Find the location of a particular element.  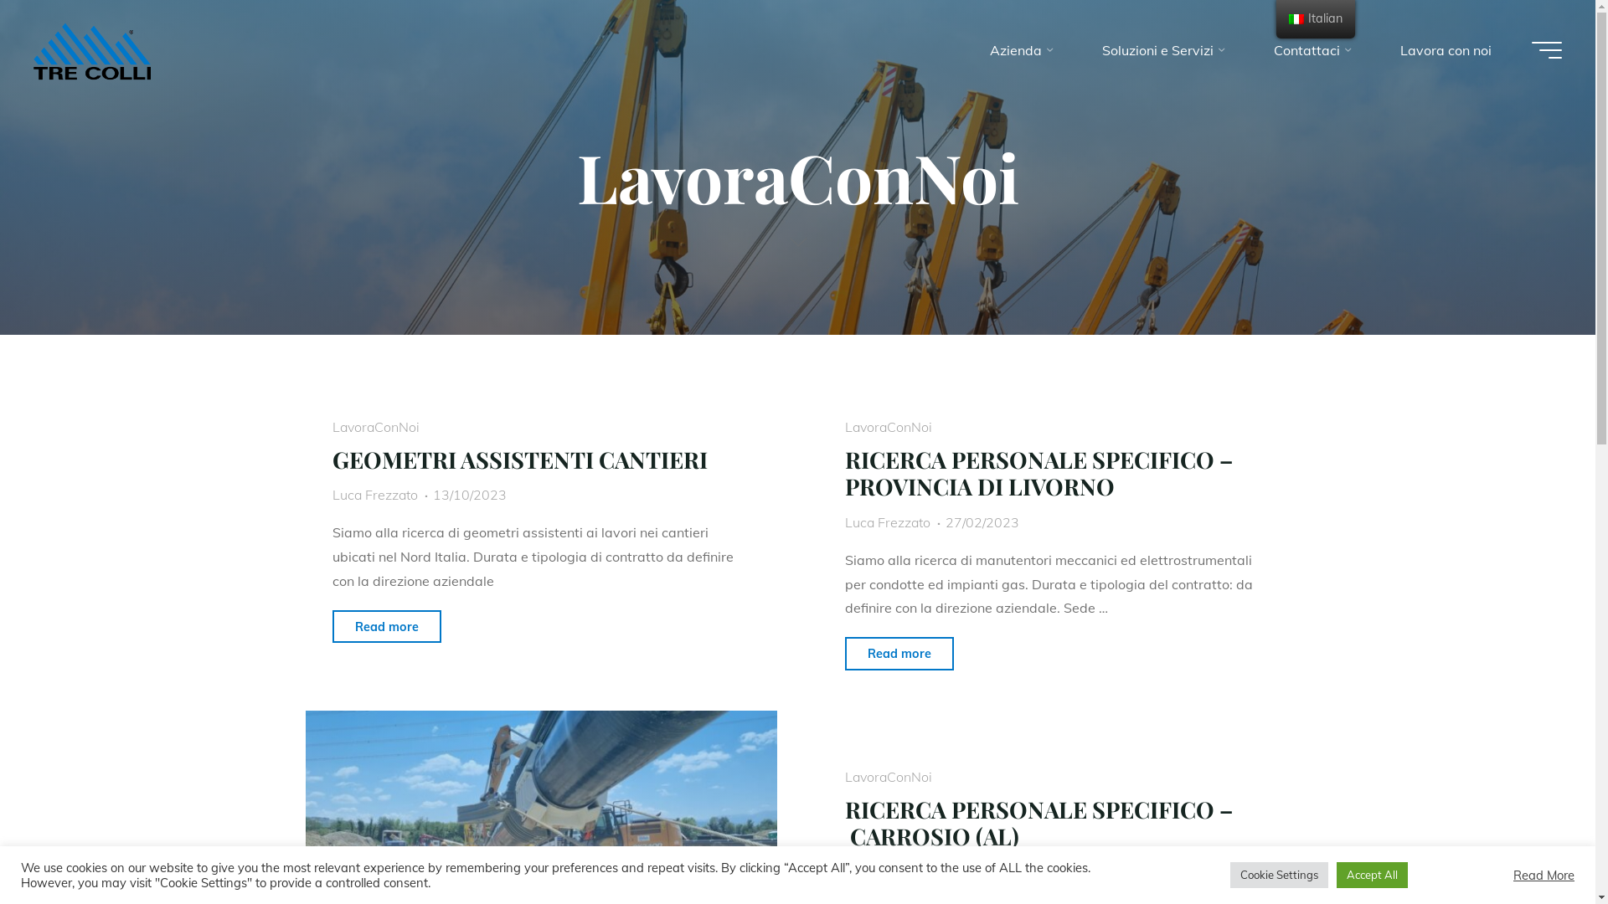

'Italian' is located at coordinates (1314, 19).